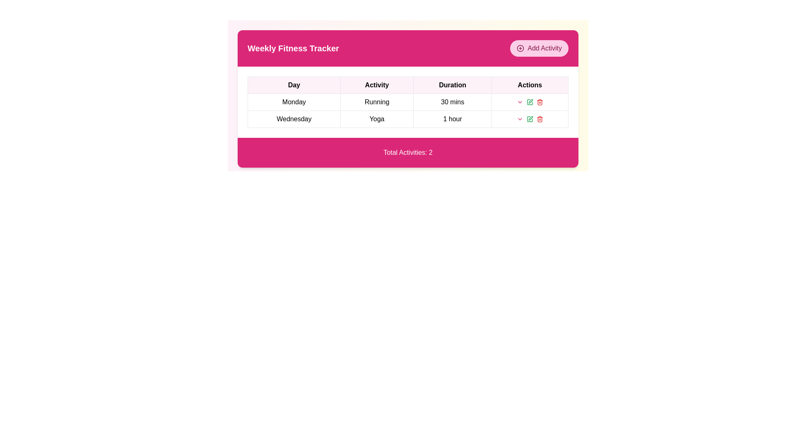  Describe the element at coordinates (520, 48) in the screenshot. I see `the circular graphical component of the SVG icon located at the top right corner of the interface, adjacent to the 'Add Activity' button` at that location.